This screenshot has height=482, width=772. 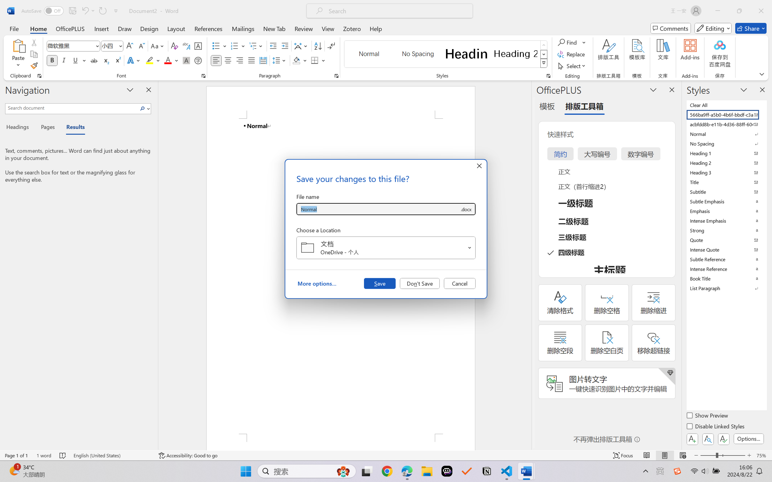 What do you see at coordinates (72, 128) in the screenshot?
I see `'Results'` at bounding box center [72, 128].